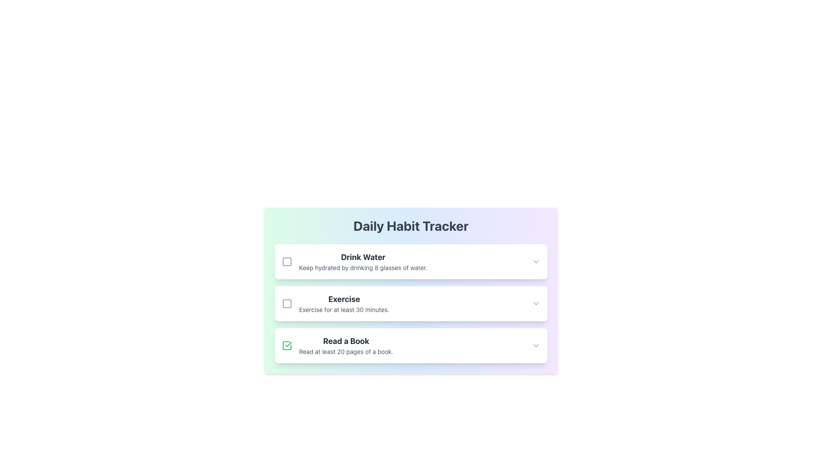  I want to click on the static text that reads 'Read at least 20 pages of a book.' located under the heading 'Read a Book' in the 'Daily Habit Tracker' section, so click(346, 351).